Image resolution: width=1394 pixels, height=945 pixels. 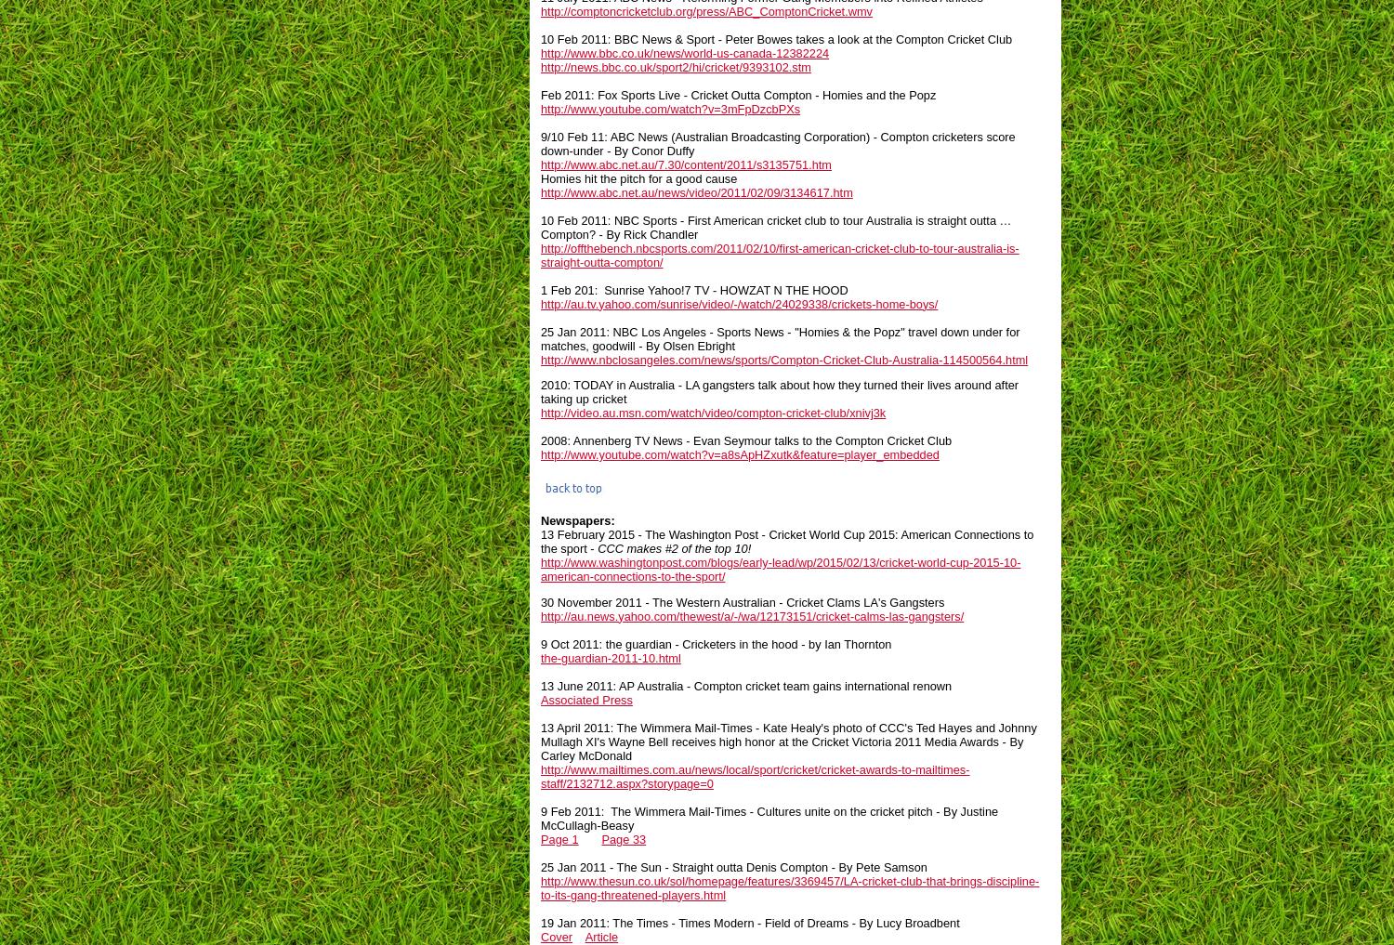 I want to click on 'Cover', so click(x=555, y=936).